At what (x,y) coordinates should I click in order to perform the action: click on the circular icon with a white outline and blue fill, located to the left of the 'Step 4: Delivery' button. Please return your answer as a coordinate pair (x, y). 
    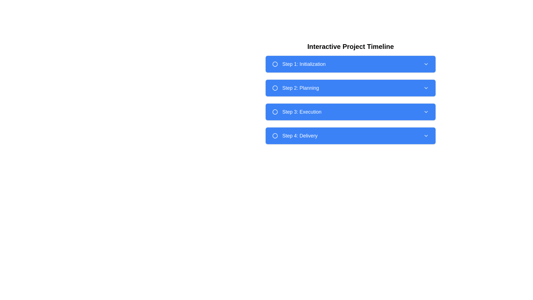
    Looking at the image, I should click on (275, 136).